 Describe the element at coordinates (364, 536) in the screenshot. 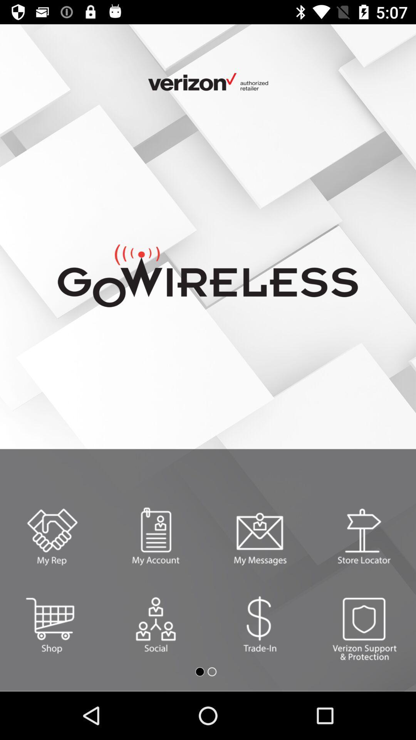

I see `the delete icon` at that location.